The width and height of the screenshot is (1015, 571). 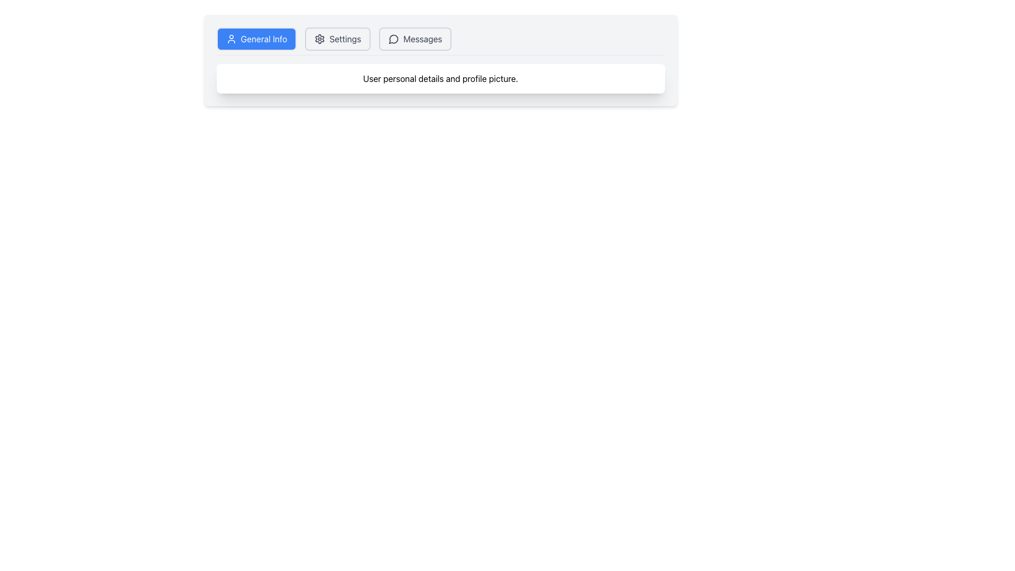 What do you see at coordinates (440, 60) in the screenshot?
I see `the user profile details panel located centrally below the tab navigation, displaying the user's personal information and profile picture` at bounding box center [440, 60].